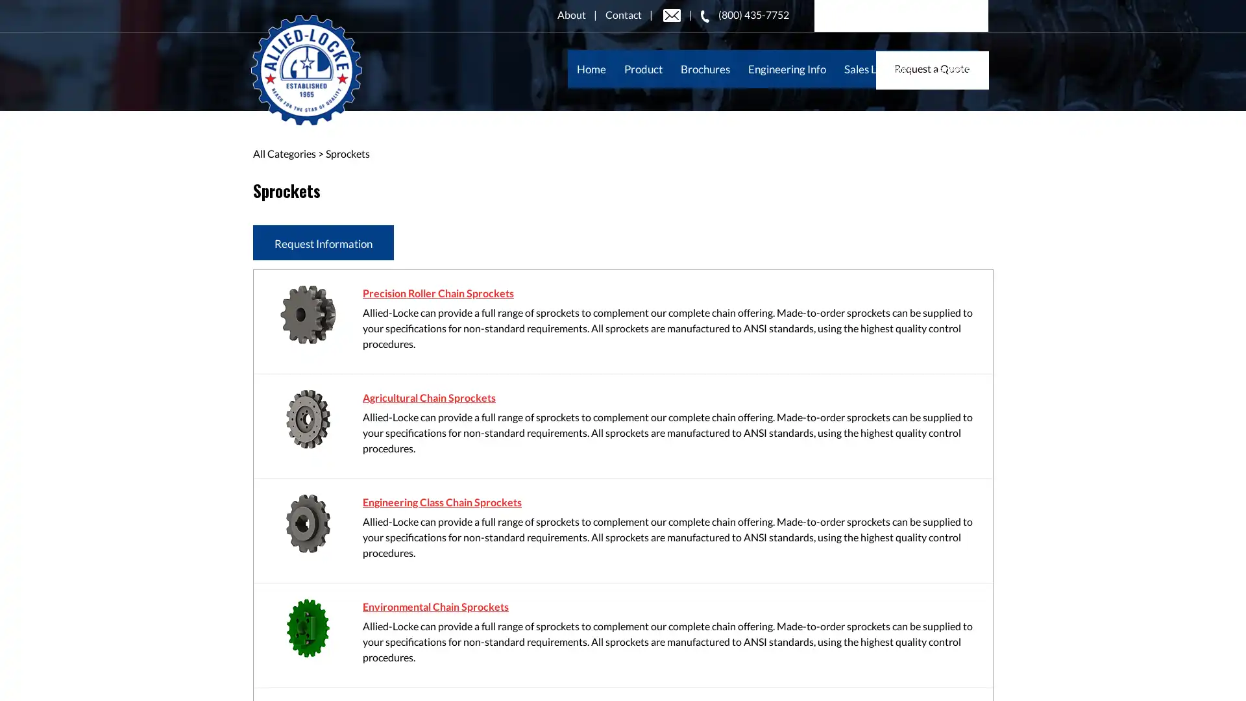 This screenshot has width=1246, height=701. What do you see at coordinates (323, 242) in the screenshot?
I see `Request Information` at bounding box center [323, 242].